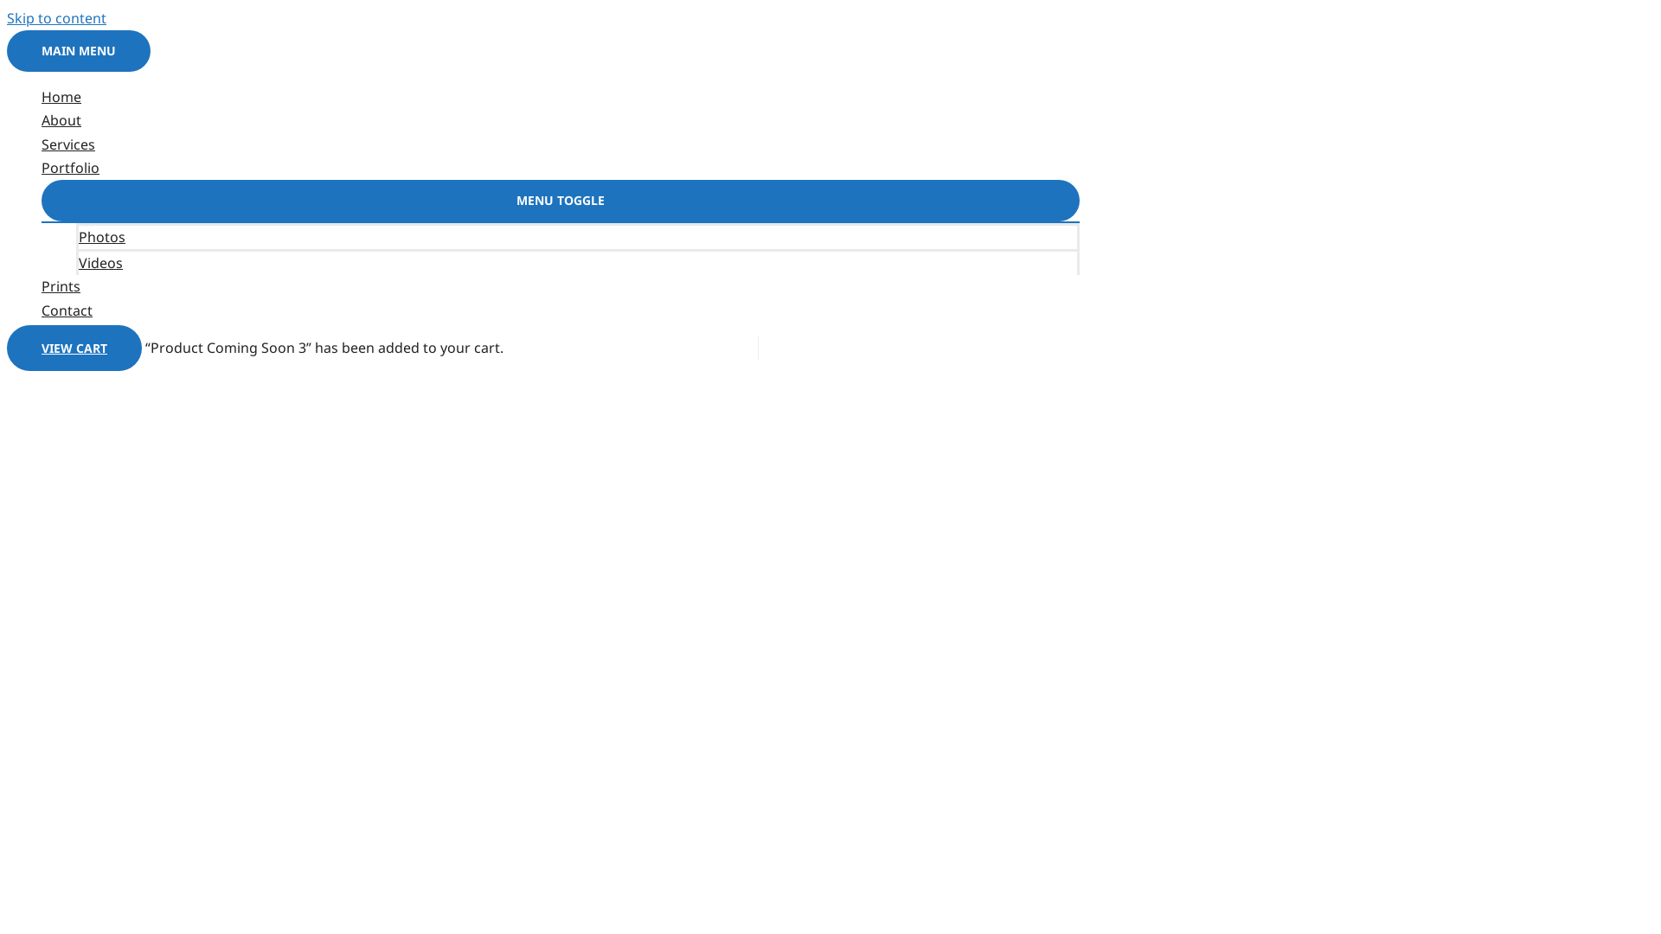  Describe the element at coordinates (561, 144) in the screenshot. I see `'Services'` at that location.